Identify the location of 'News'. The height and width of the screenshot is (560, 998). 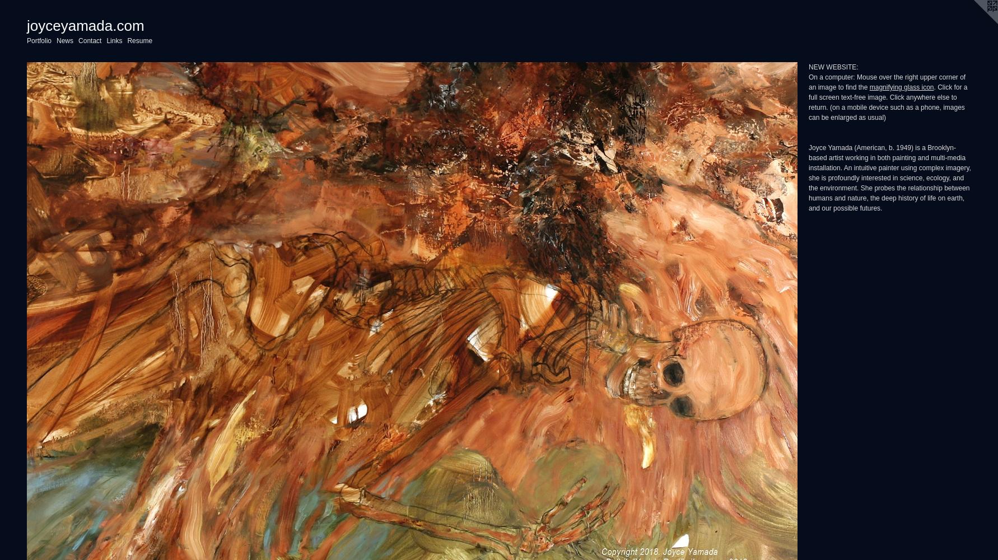
(64, 40).